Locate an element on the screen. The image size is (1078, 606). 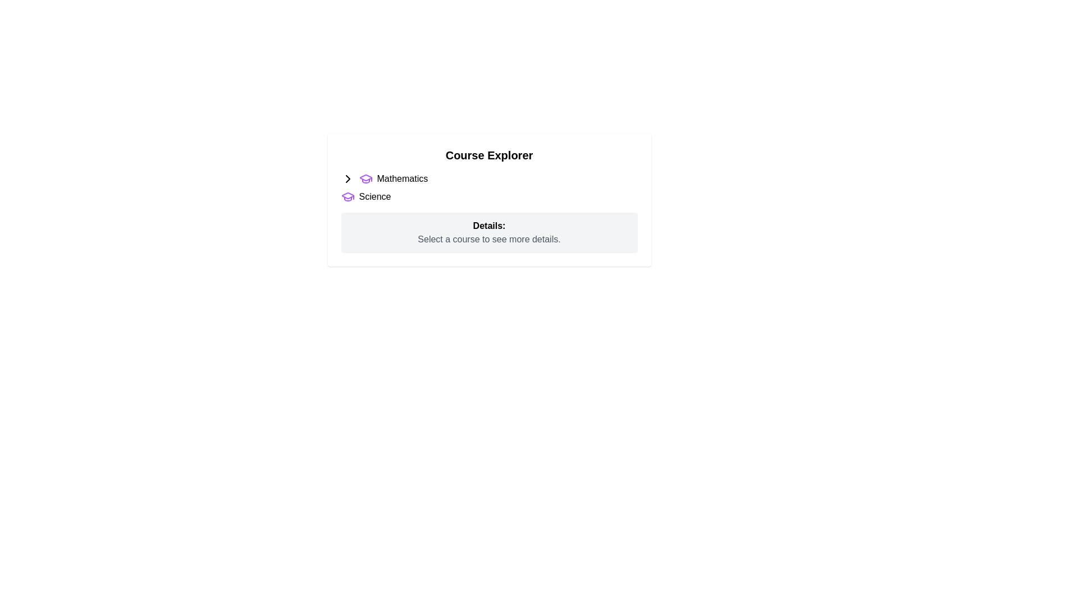
the navigational icon located adjacent to the 'Mathematics' text is located at coordinates (347, 178).